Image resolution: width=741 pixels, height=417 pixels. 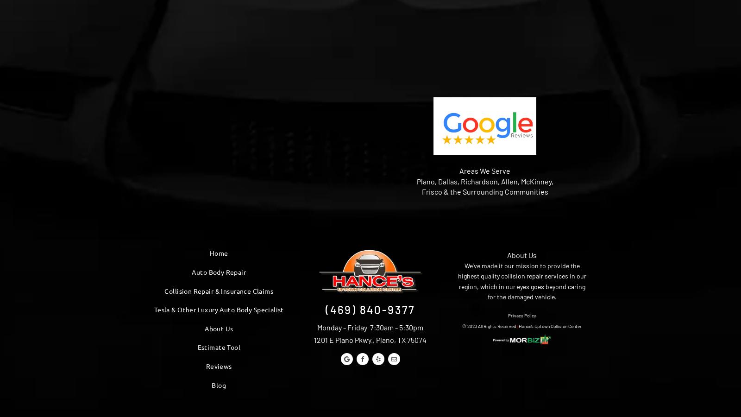 I want to click on '1201 E Plano Pkwy., Plano, TX 75074', so click(x=370, y=339).